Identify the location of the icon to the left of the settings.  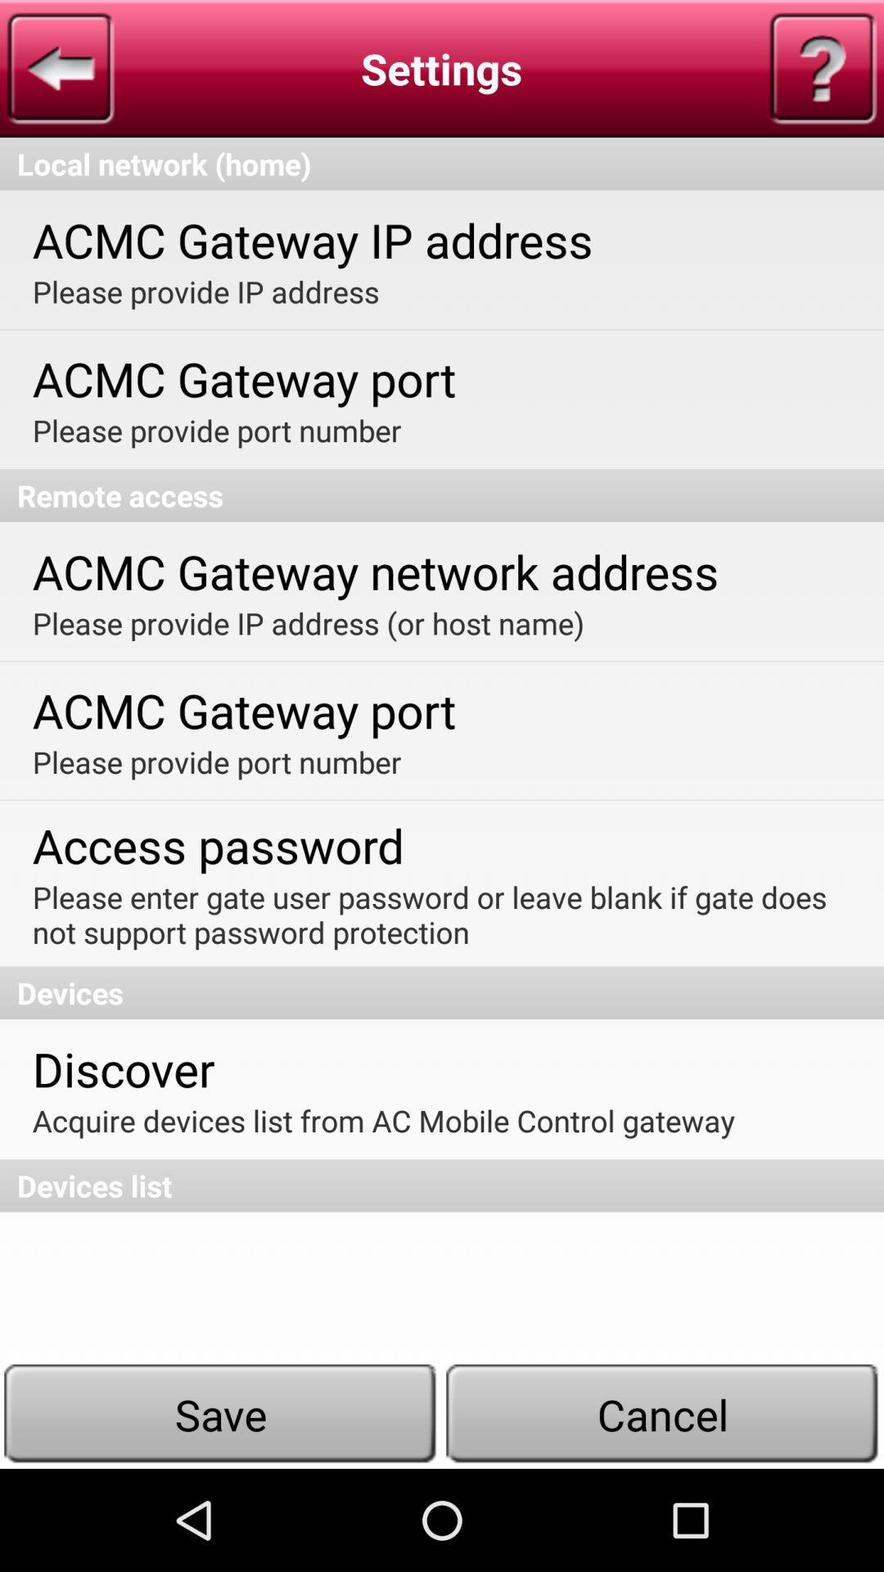
(60, 67).